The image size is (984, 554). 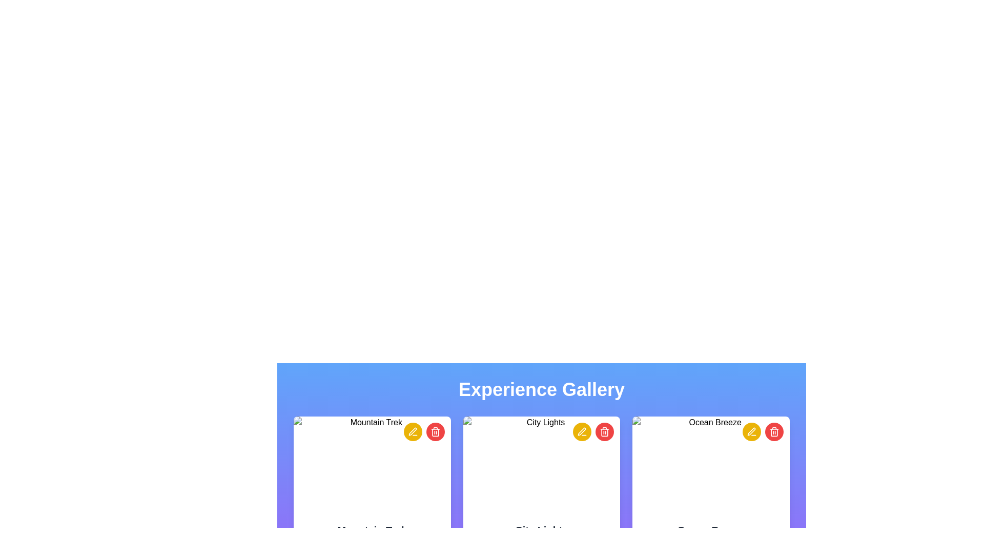 I want to click on the delete action button located in the top-right corner of the 'City Lights' card to observe any visual response, so click(x=605, y=431).